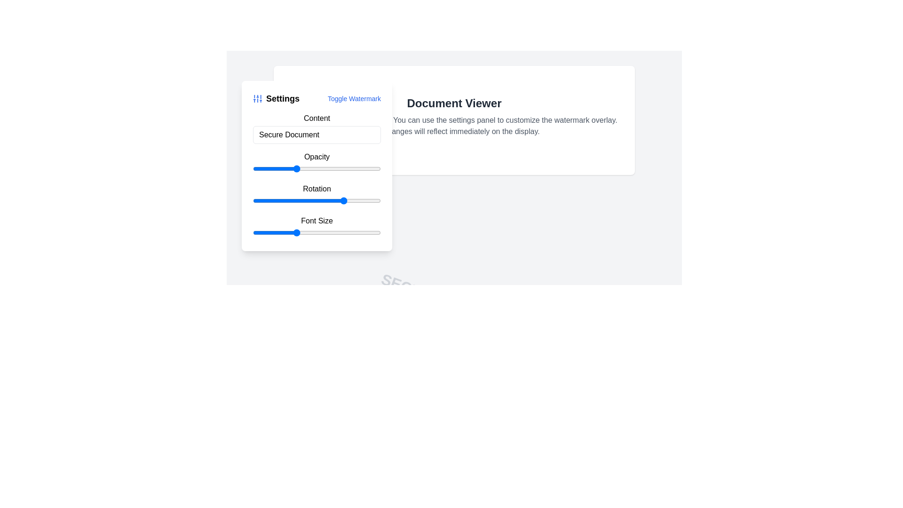  Describe the element at coordinates (298, 200) in the screenshot. I see `rotation` at that location.